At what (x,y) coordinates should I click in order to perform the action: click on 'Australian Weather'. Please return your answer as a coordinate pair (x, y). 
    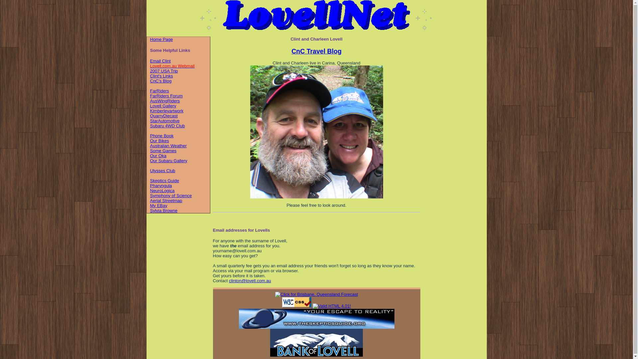
    Looking at the image, I should click on (168, 145).